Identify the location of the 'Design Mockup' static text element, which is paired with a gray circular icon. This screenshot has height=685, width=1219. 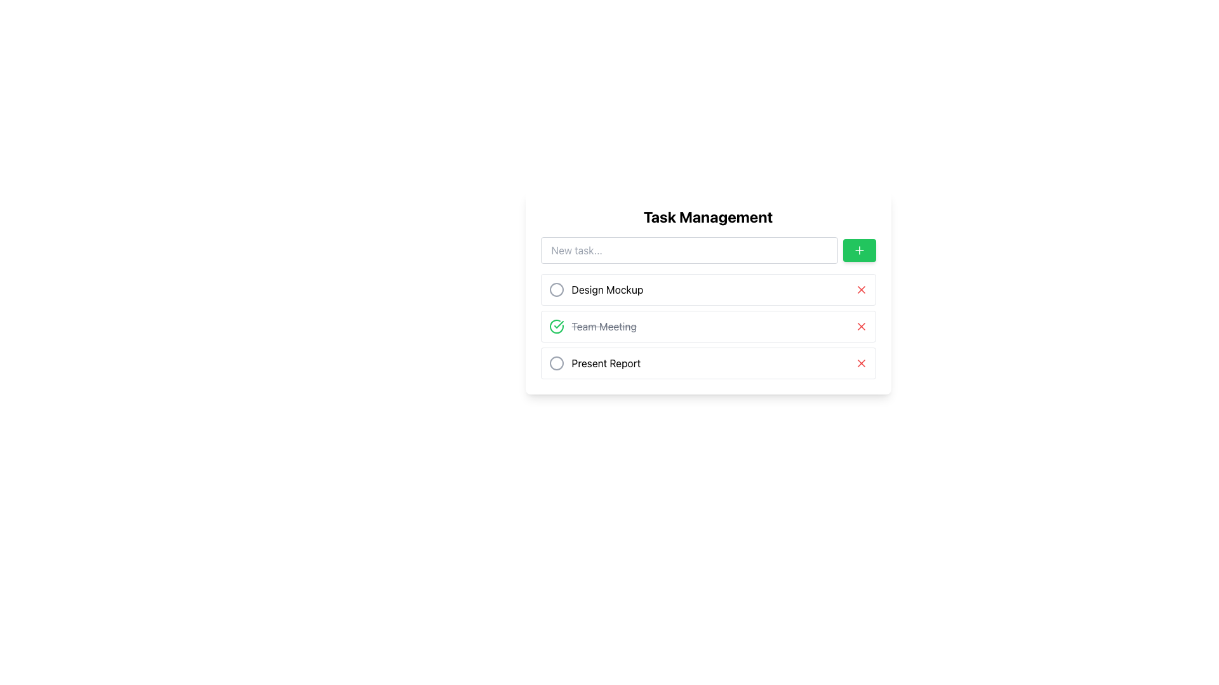
(595, 289).